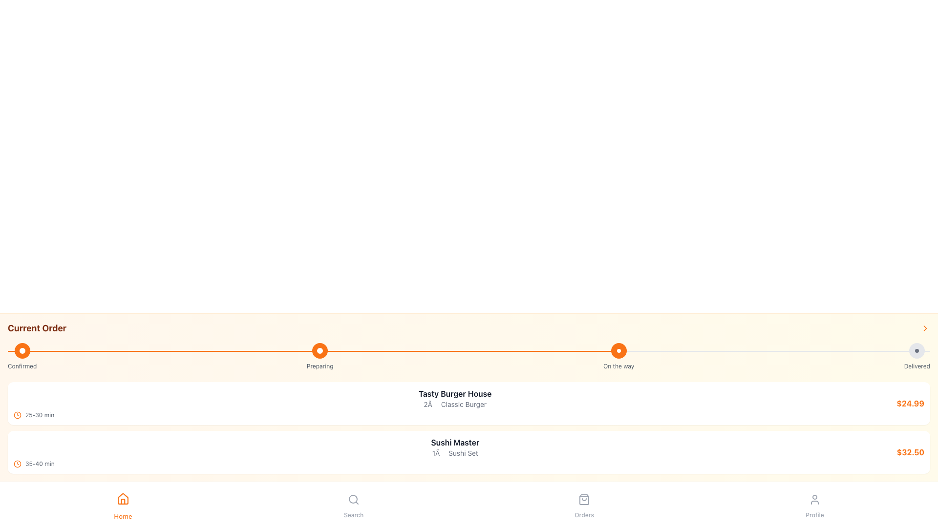 This screenshot has width=938, height=527. I want to click on the magnifying glass icon located centrally within the 'Search' button in the bottom navigation bar, so click(353, 499).